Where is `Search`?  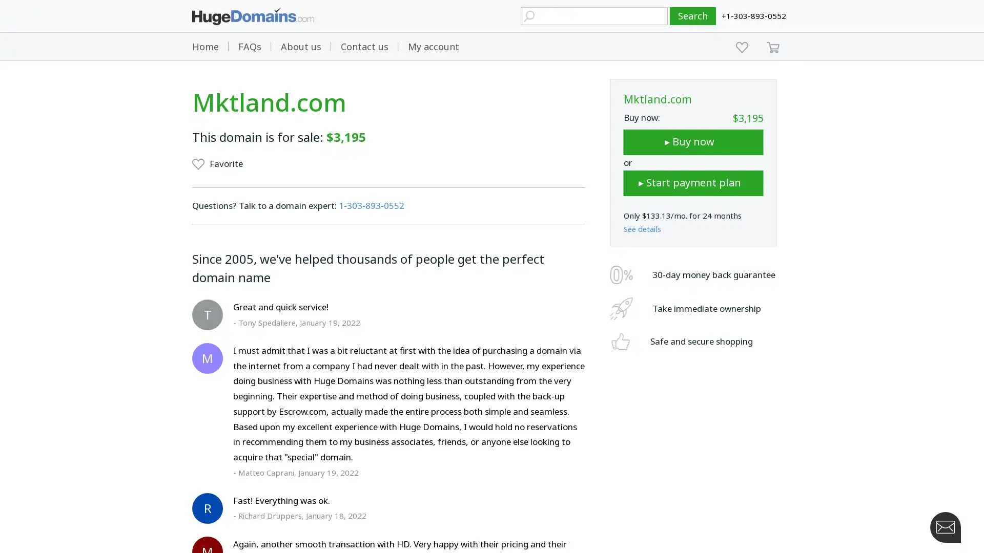 Search is located at coordinates (693, 16).